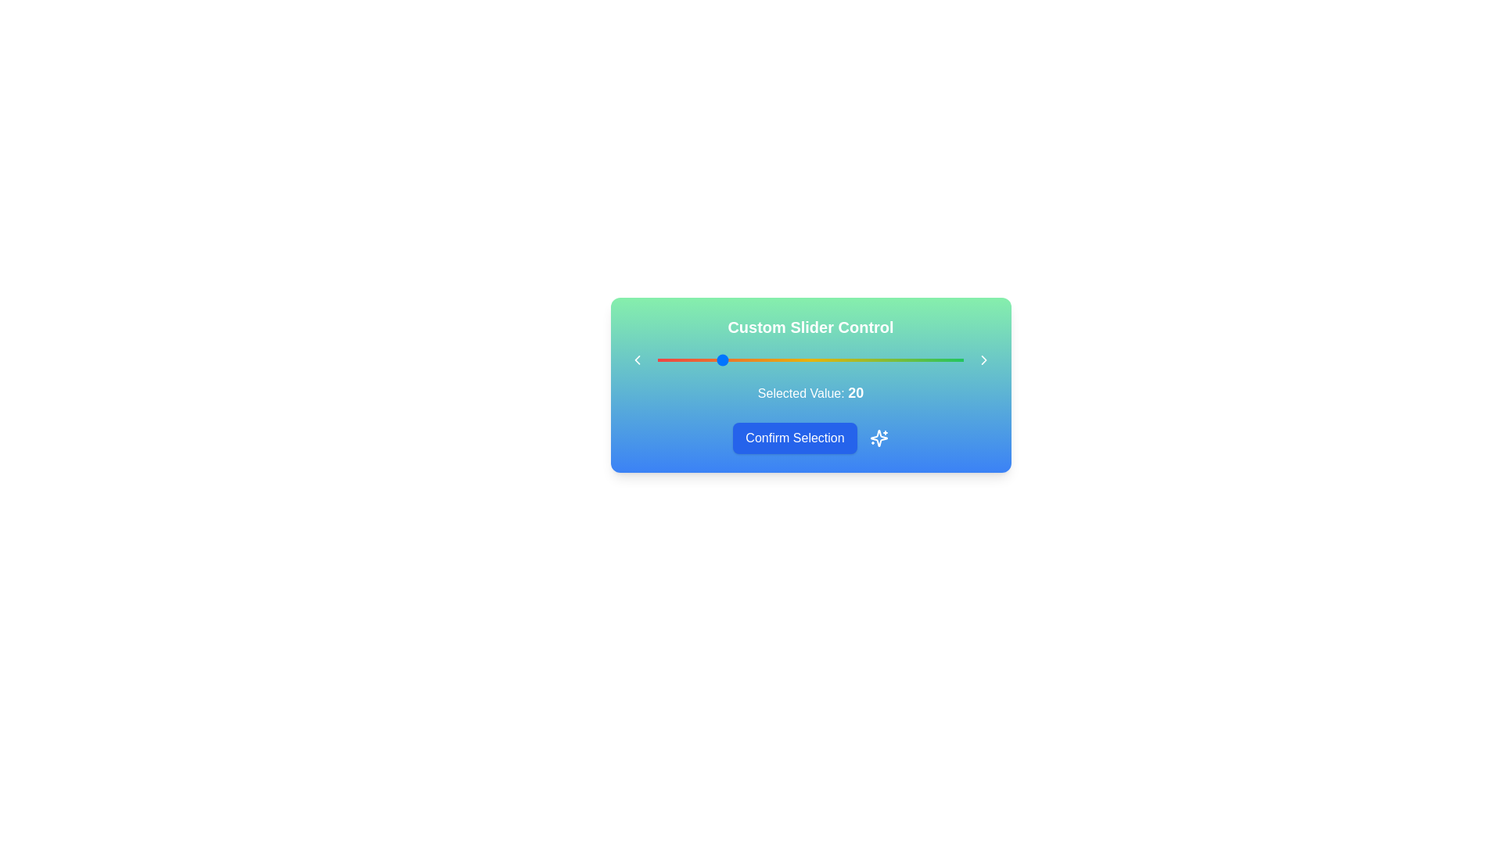 This screenshot has width=1502, height=844. What do you see at coordinates (936, 360) in the screenshot?
I see `the slider to 91 by dragging the handle` at bounding box center [936, 360].